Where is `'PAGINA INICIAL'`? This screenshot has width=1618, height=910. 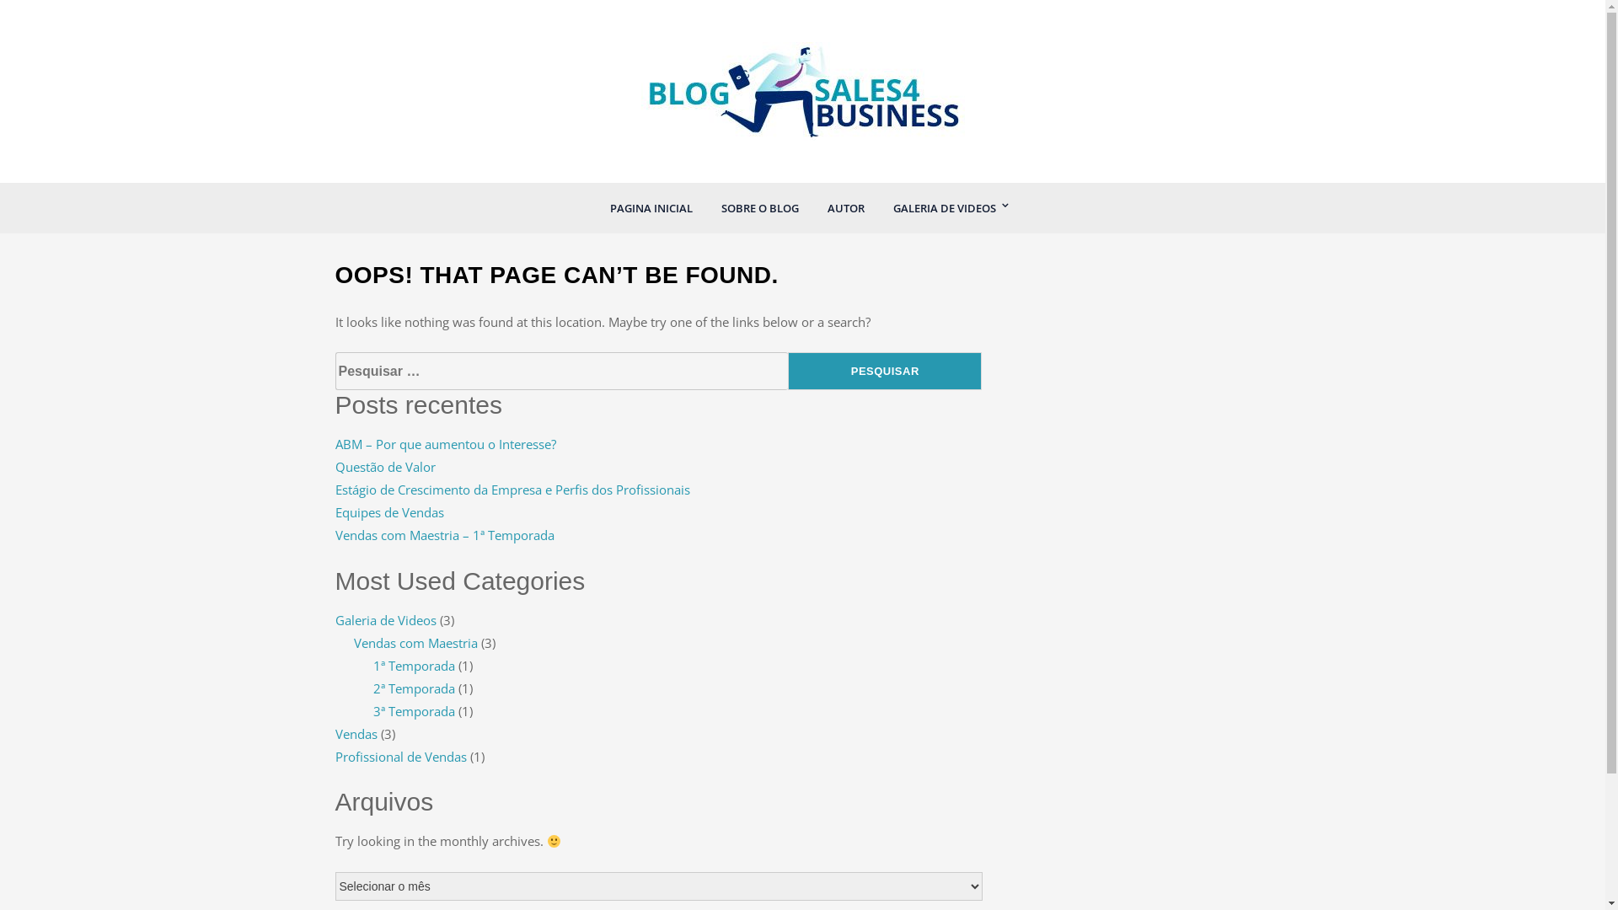 'PAGINA INICIAL' is located at coordinates (597, 206).